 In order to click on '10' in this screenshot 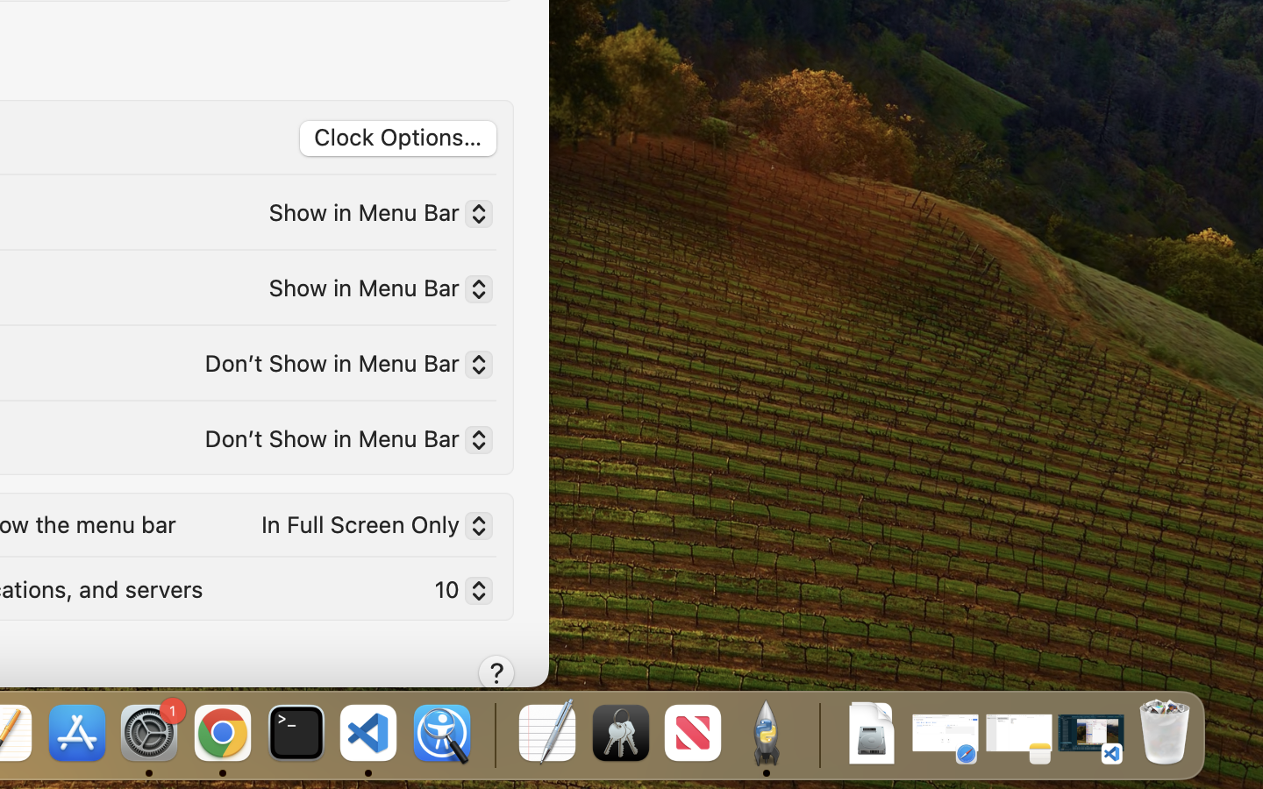, I will do `click(454, 592)`.